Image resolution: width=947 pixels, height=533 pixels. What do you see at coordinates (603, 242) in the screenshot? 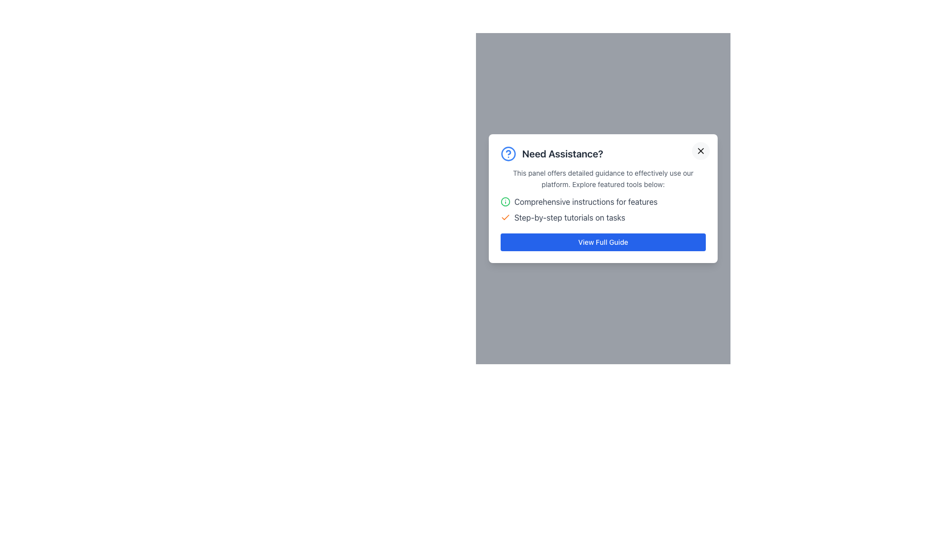
I see `the rectangular blue button labeled 'View Full Guide'` at bounding box center [603, 242].